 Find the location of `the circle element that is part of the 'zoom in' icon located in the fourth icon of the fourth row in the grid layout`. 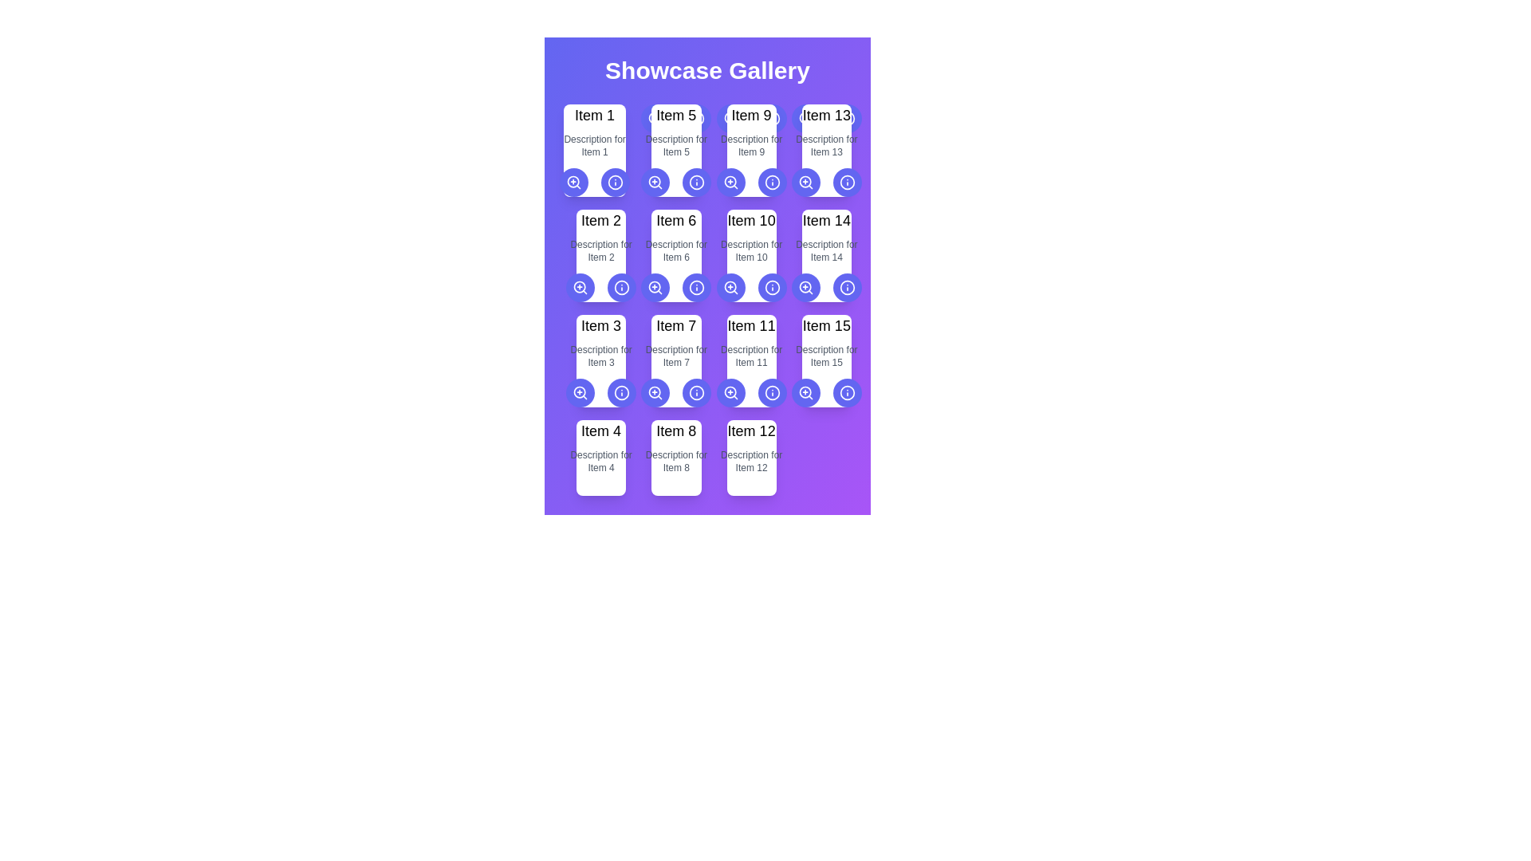

the circle element that is part of the 'zoom in' icon located in the fourth icon of the fourth row in the grid layout is located at coordinates (805, 392).